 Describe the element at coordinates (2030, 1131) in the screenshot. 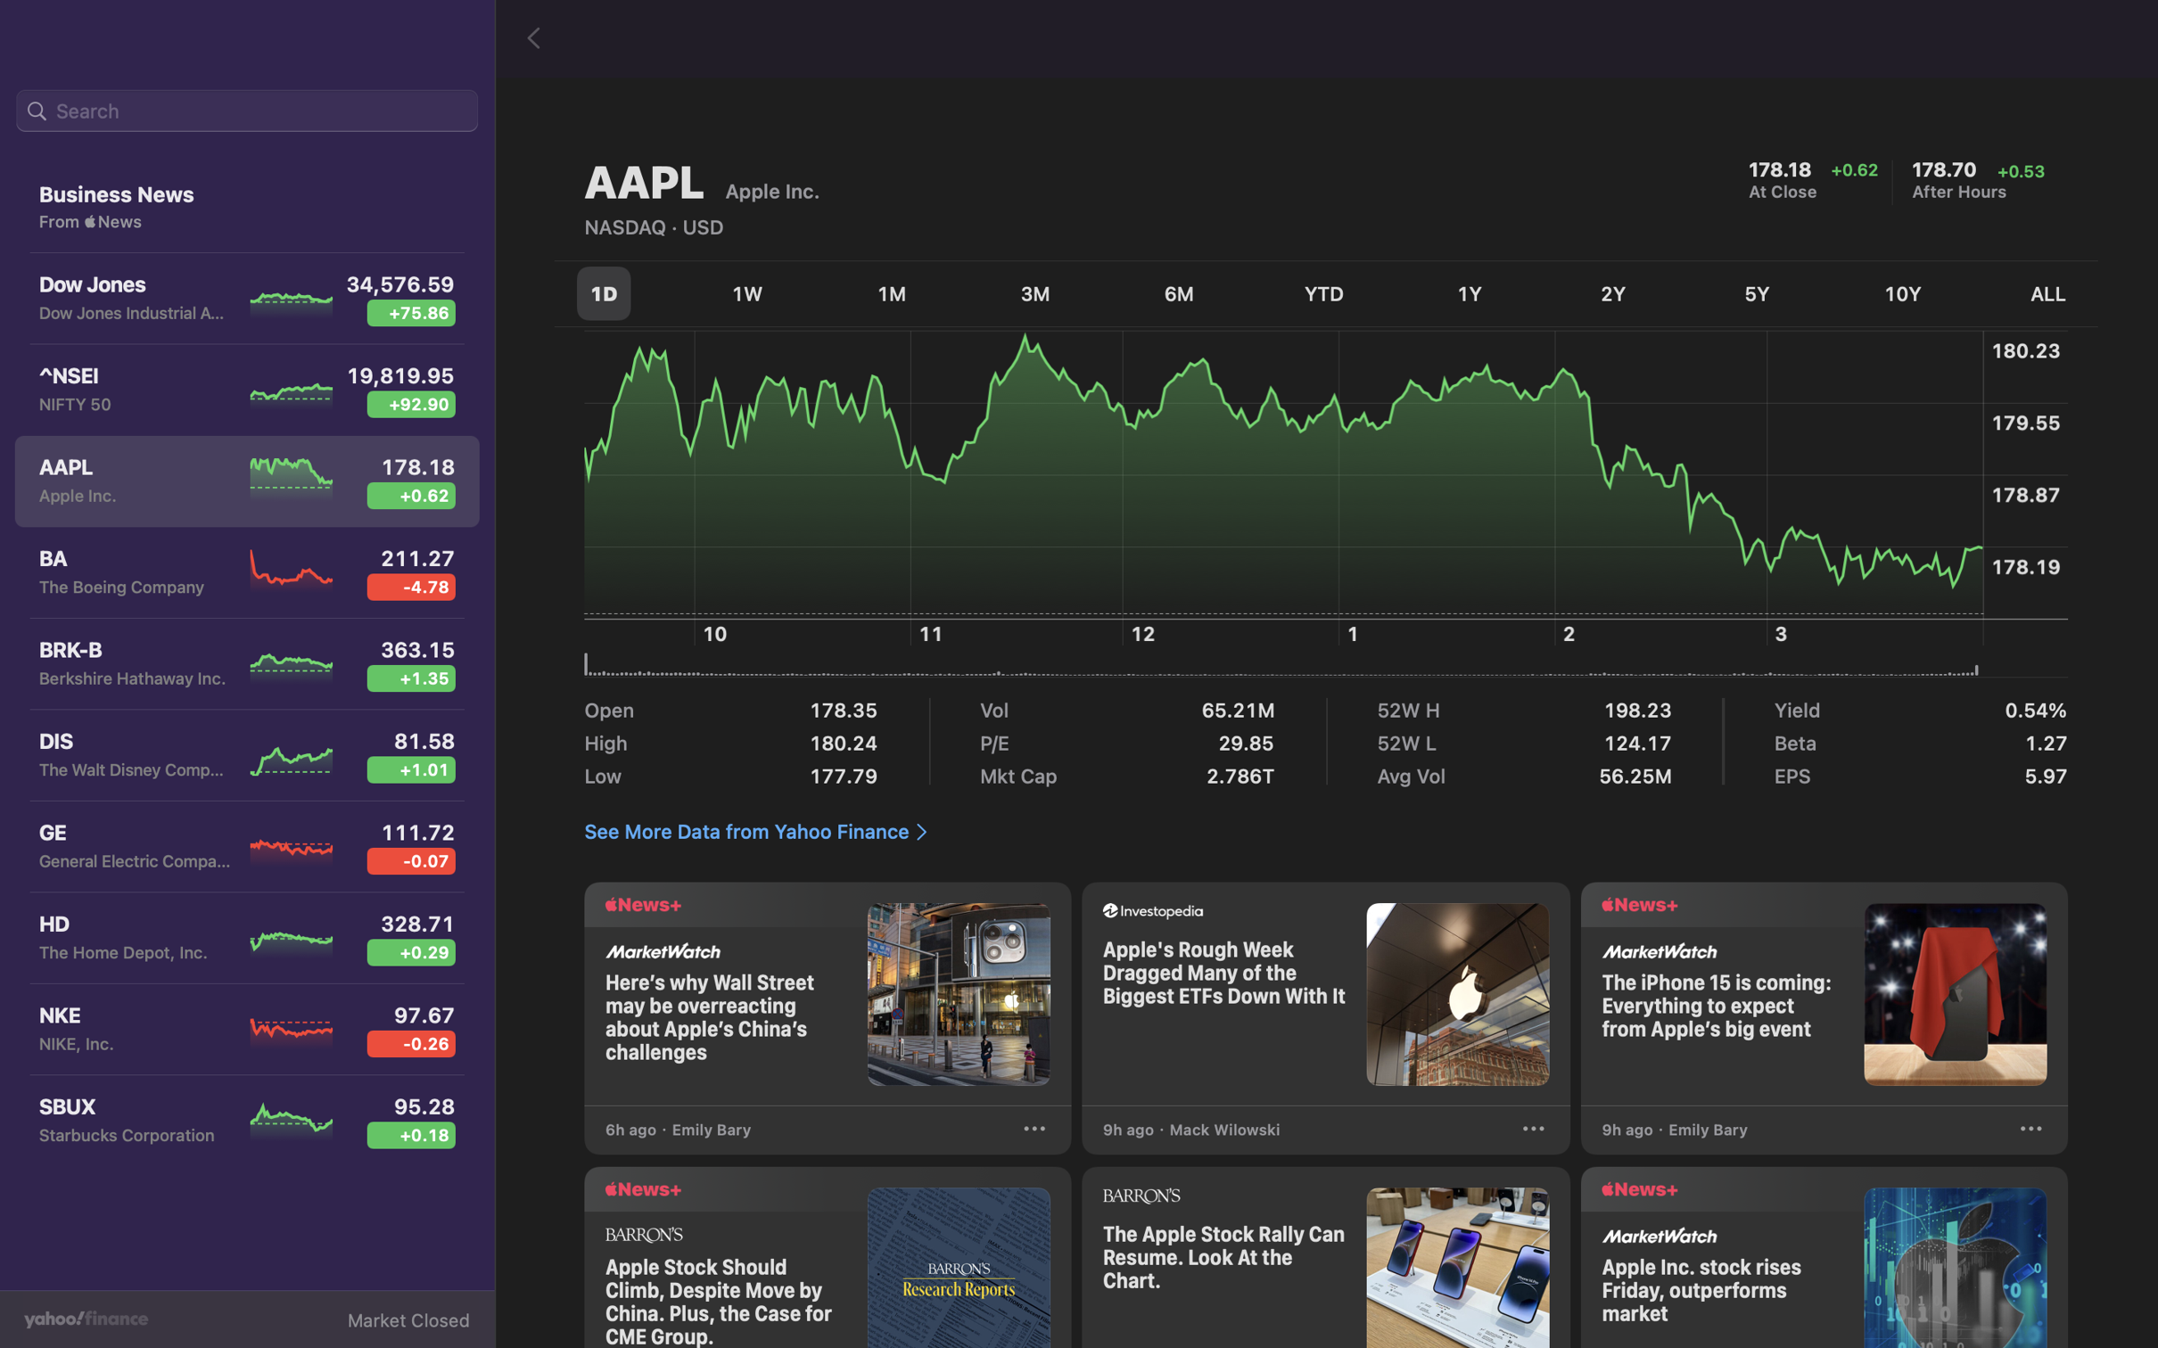

I see `on the "3 dots"` at that location.